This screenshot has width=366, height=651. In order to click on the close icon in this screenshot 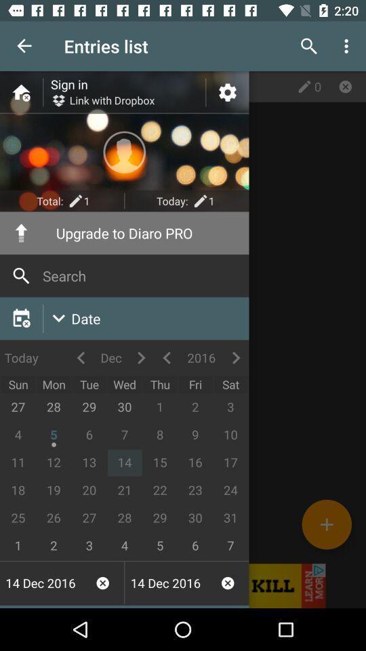, I will do `click(345, 85)`.